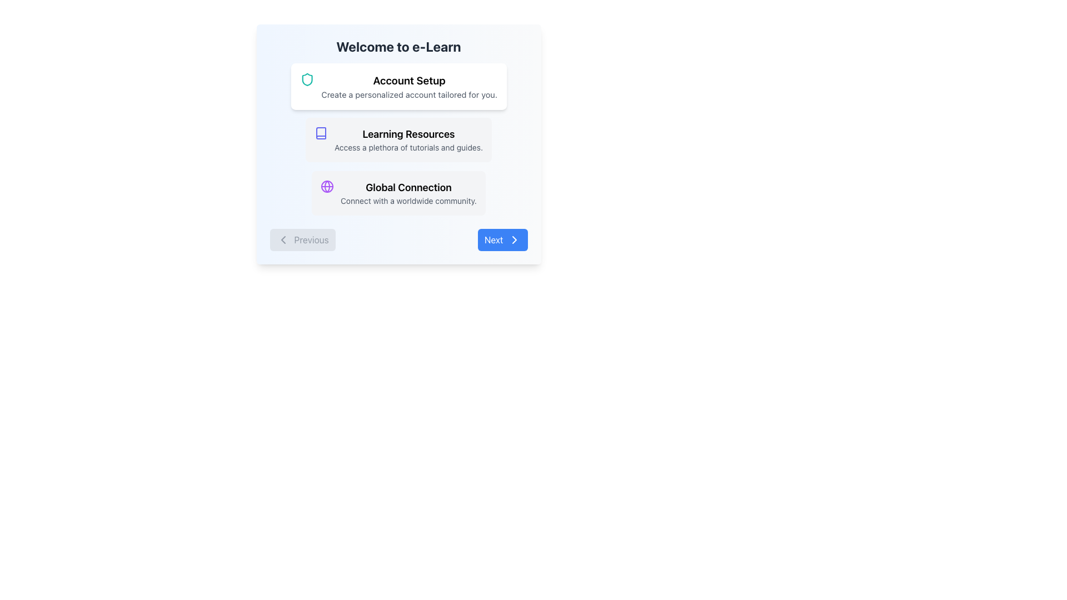 The image size is (1067, 600). Describe the element at coordinates (398, 143) in the screenshot. I see `content in the Informational Card, which is the second card in a vertical sequence of three, providing information about accessing learning resources` at that location.